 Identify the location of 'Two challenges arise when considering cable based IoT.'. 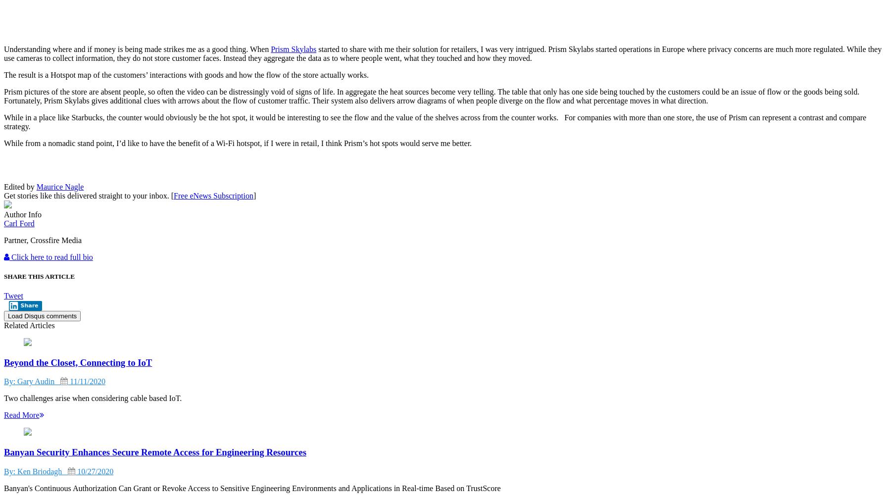
(93, 398).